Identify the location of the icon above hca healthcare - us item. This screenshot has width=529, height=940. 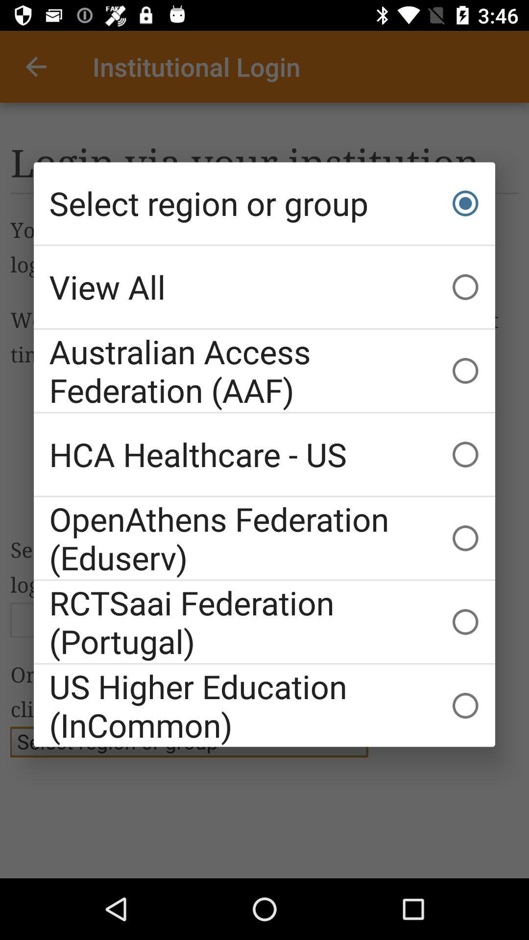
(264, 370).